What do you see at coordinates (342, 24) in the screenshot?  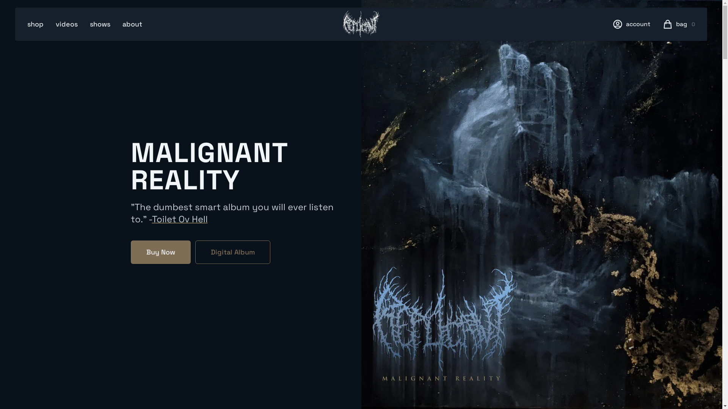 I see `'Replicant - New Jersey Death Metal'` at bounding box center [342, 24].